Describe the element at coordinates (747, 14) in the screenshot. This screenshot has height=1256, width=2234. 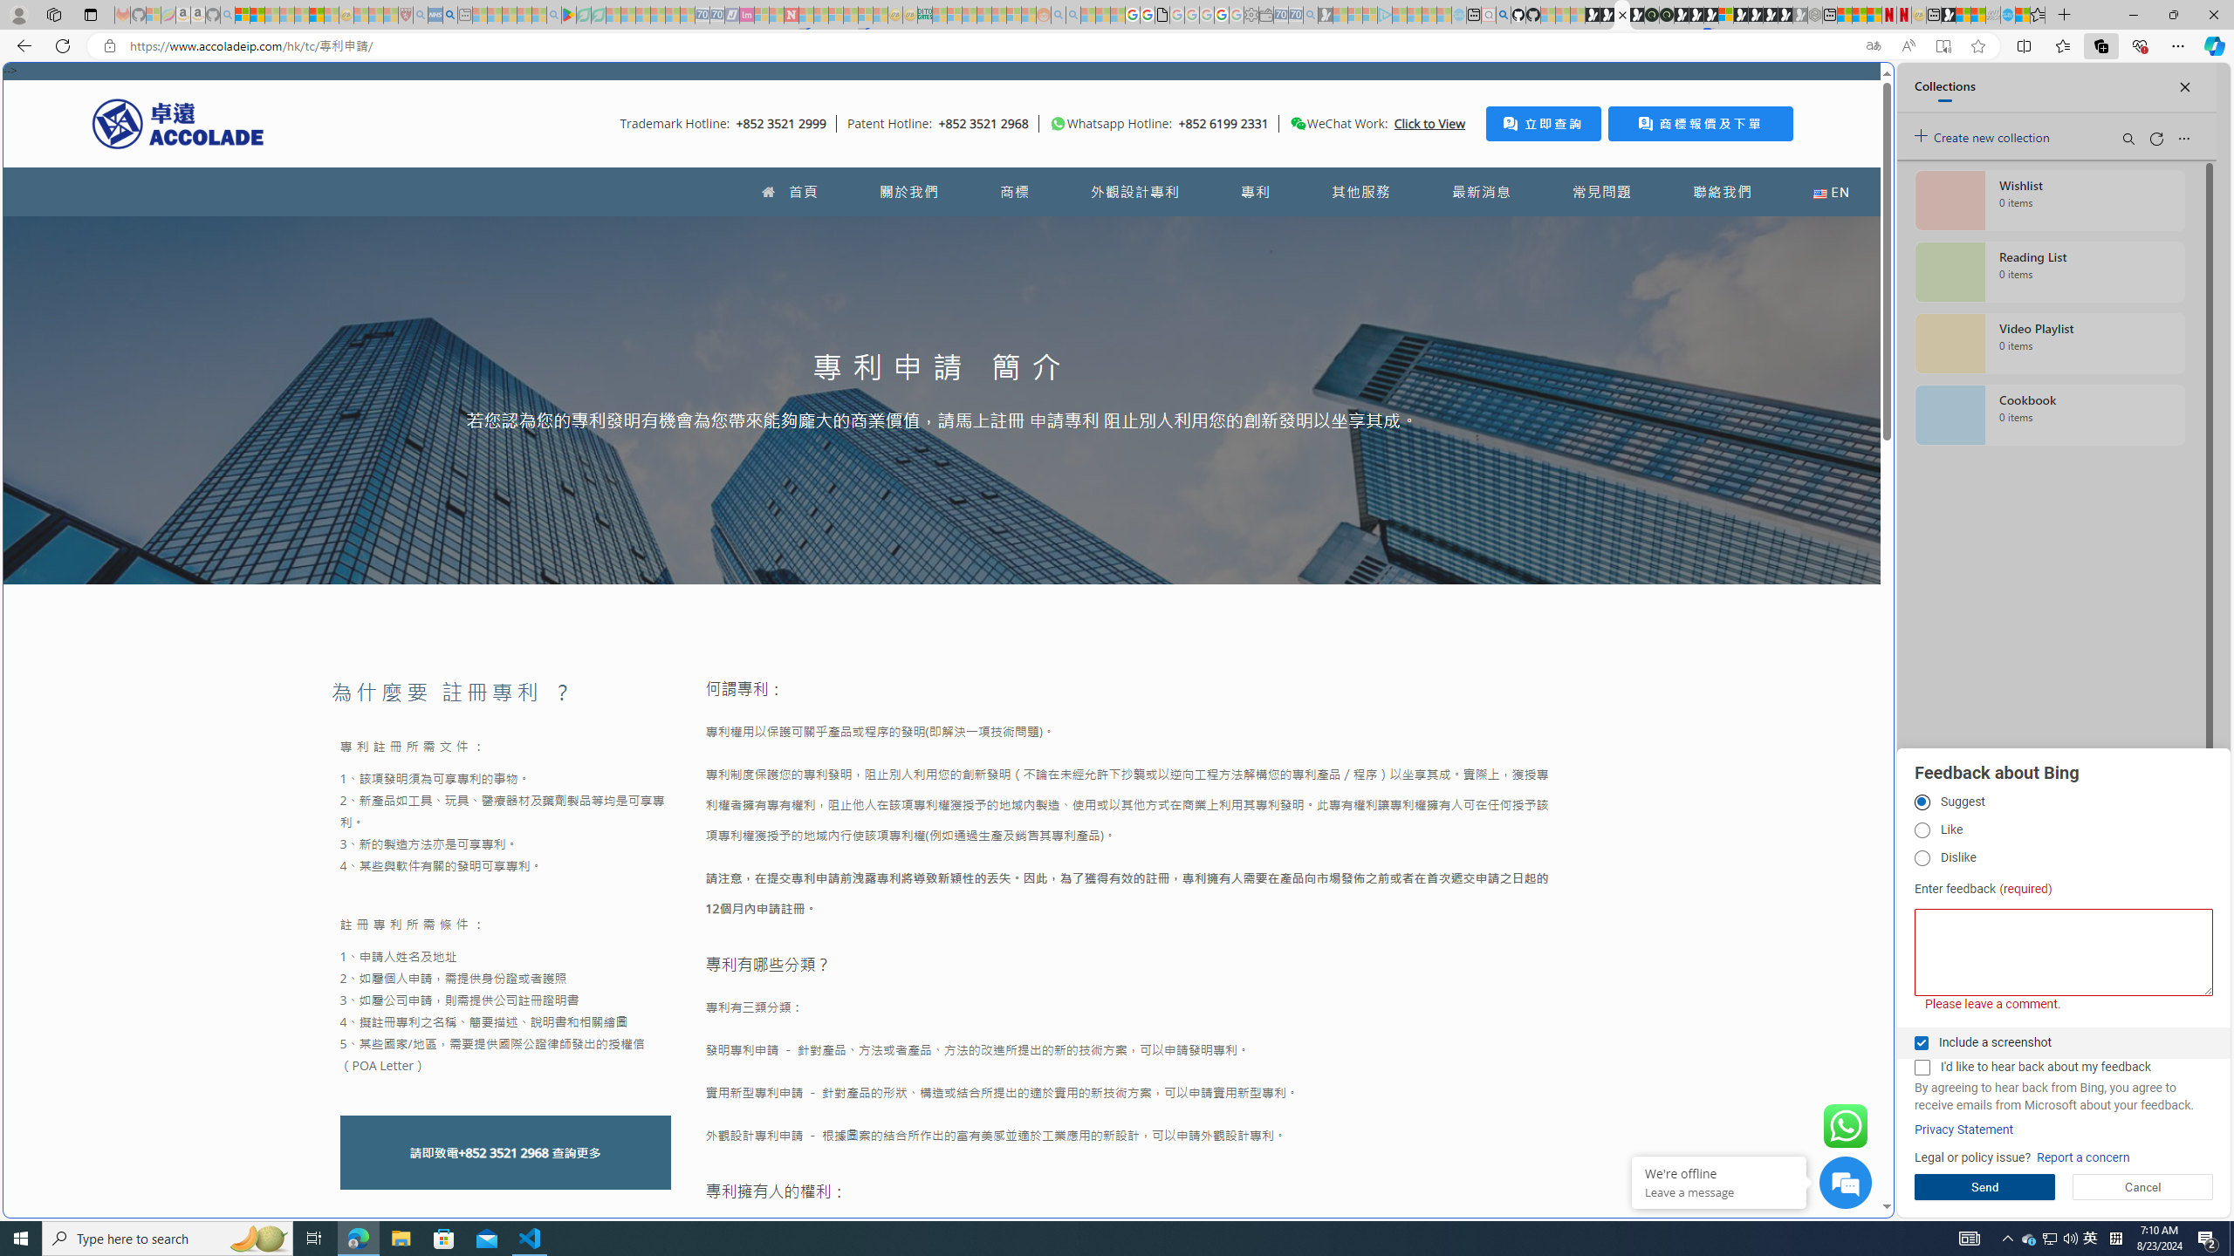
I see `'Jobs - lastminute.com Investor Portal - Sleeping'` at that location.